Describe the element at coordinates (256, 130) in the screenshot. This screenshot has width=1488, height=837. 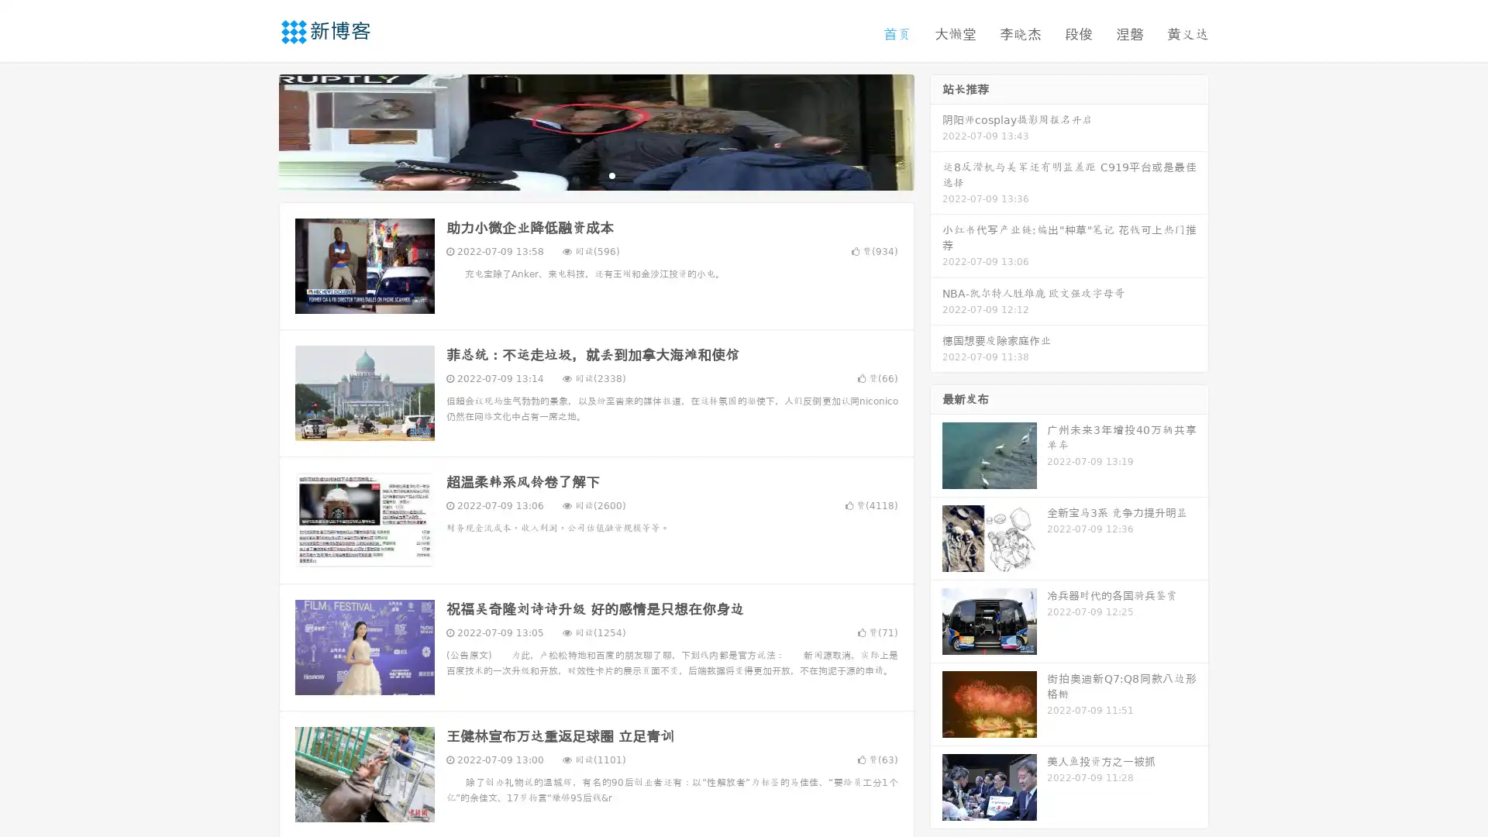
I see `Previous slide` at that location.